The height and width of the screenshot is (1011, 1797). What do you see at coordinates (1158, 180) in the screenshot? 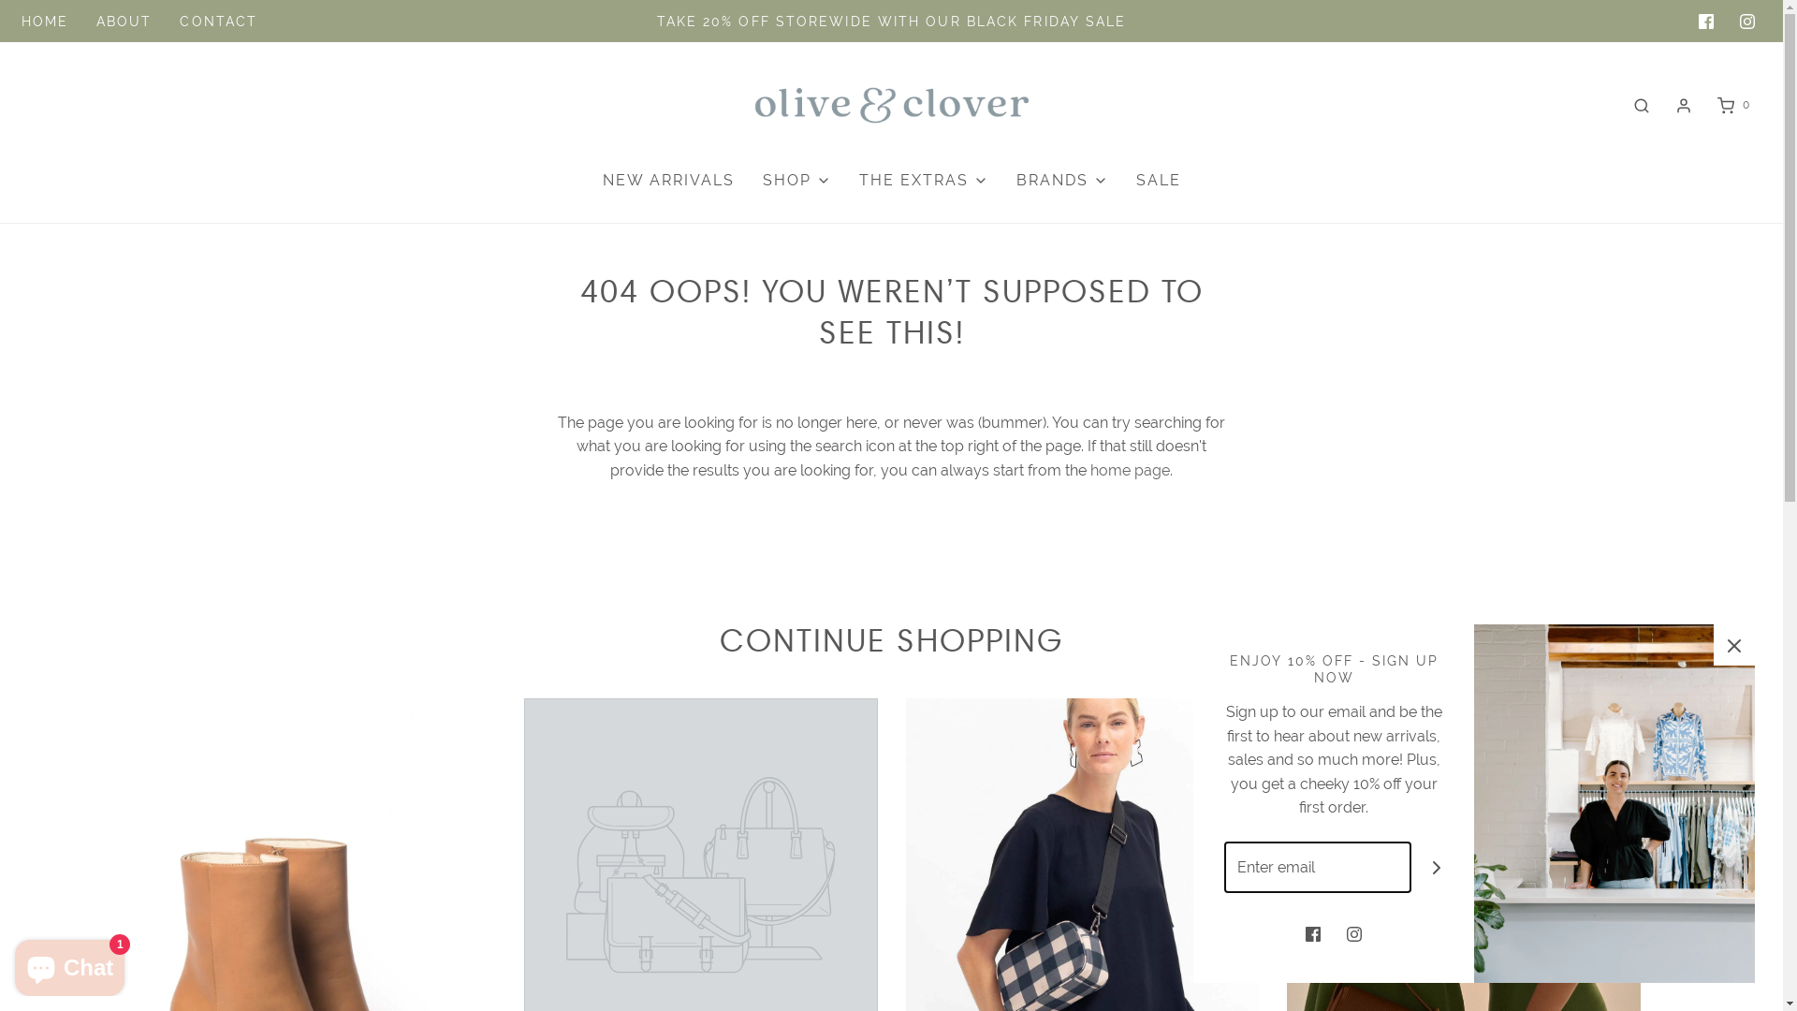
I see `'SALE'` at bounding box center [1158, 180].